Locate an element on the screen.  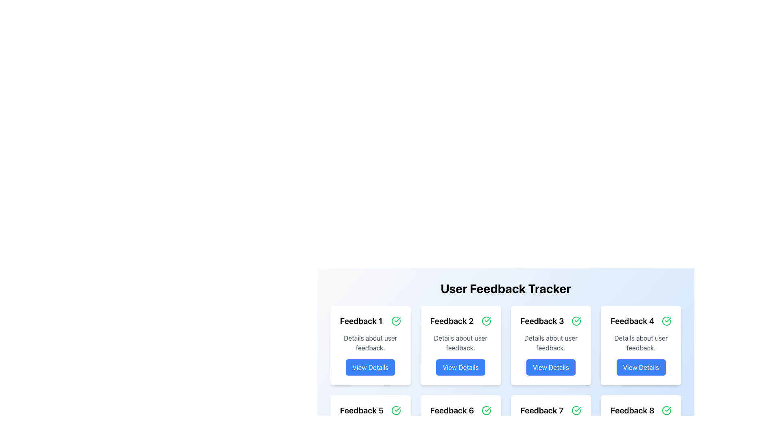
the text label 'Feedback 6' located in the bottom row of the feedback tracking interface, specifically positioned in the second position from the left, above the 'View Details' button is located at coordinates (452, 411).